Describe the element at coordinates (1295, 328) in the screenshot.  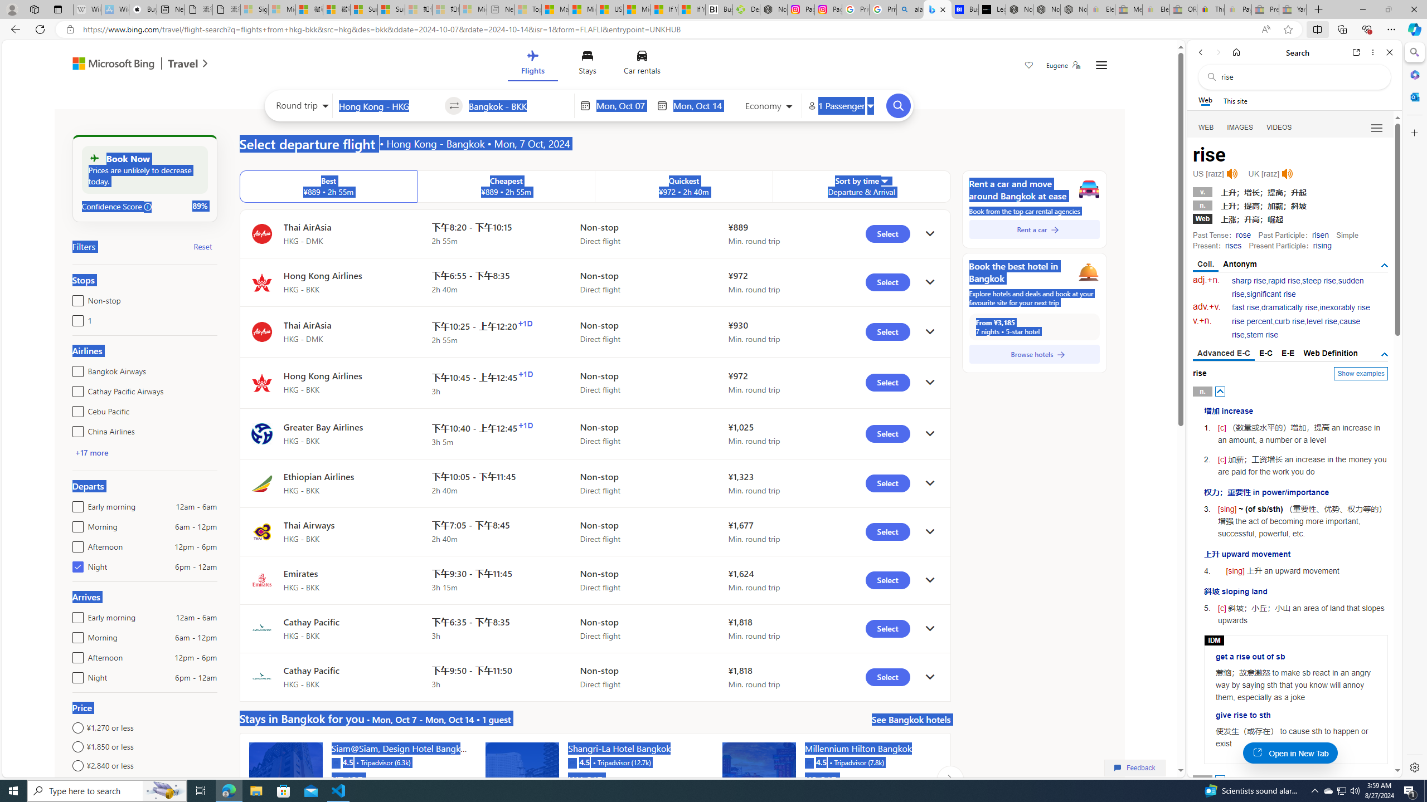
I see `'cause rise'` at that location.